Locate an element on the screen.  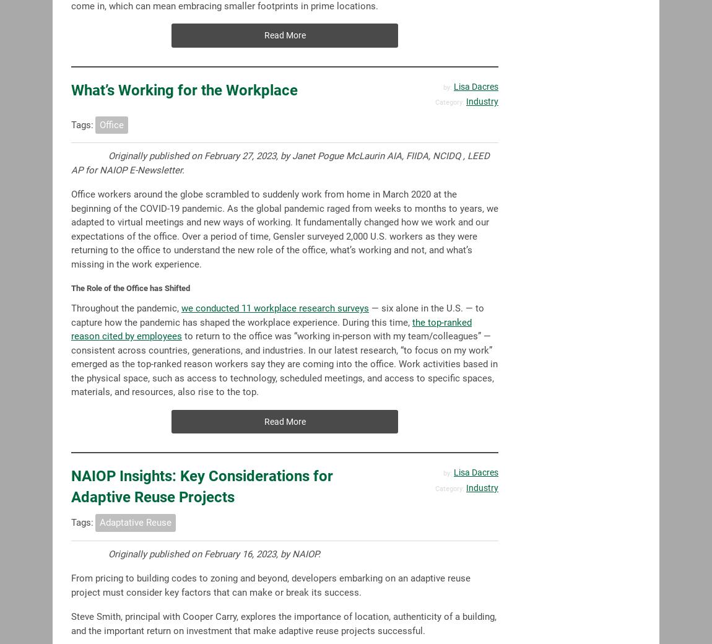
'What’s Working for the Workplace' is located at coordinates (71, 89).